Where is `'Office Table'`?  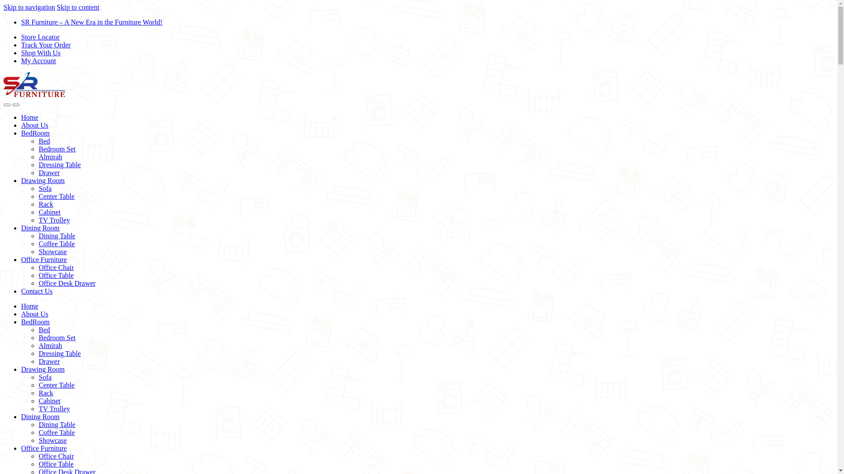 'Office Table' is located at coordinates (38, 463).